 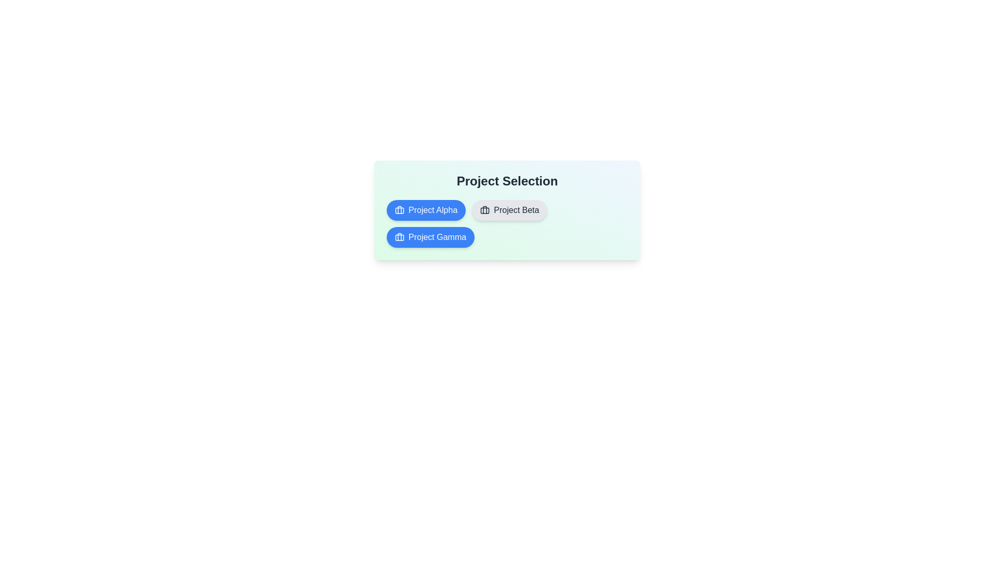 What do you see at coordinates (430, 237) in the screenshot?
I see `the project chip labeled Project Gamma` at bounding box center [430, 237].